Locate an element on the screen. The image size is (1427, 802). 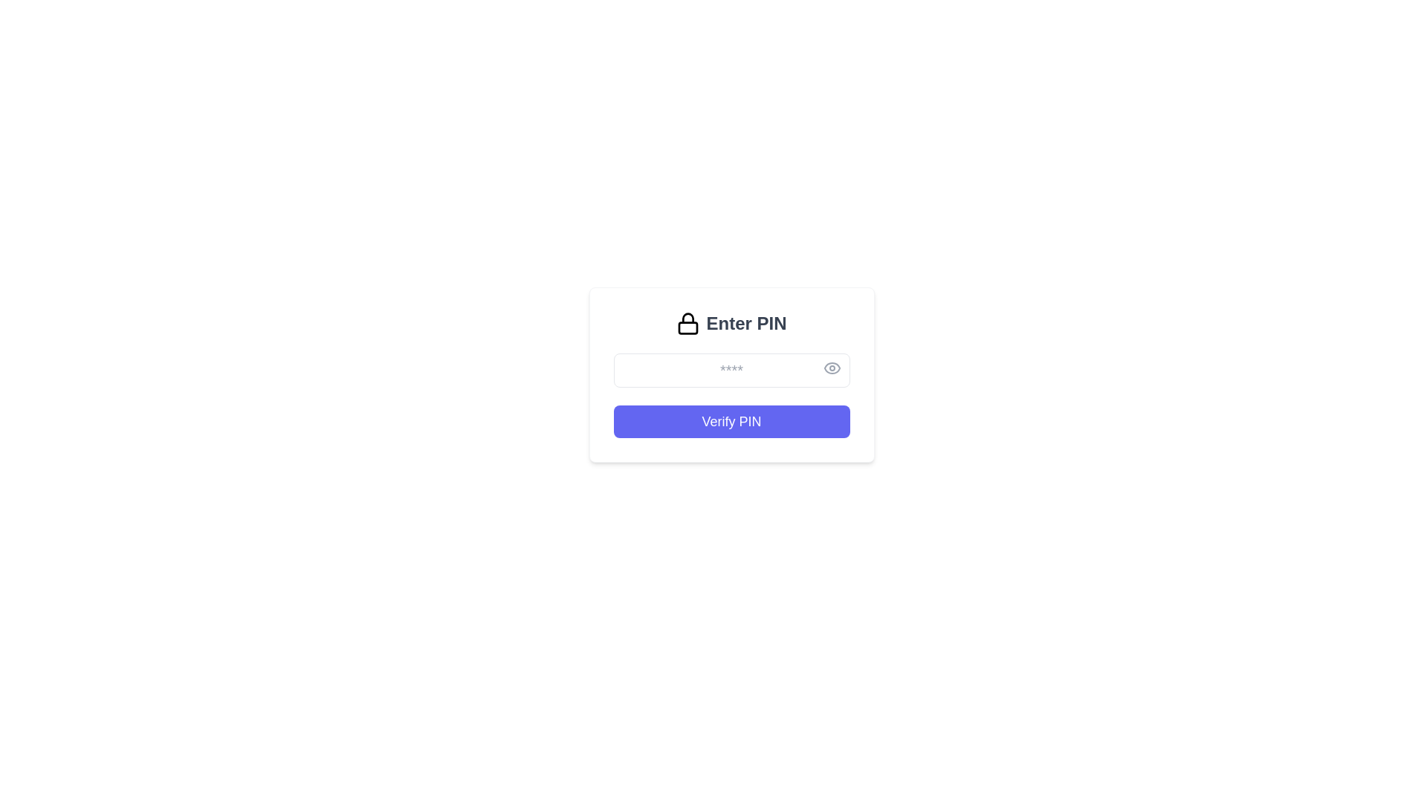
the lower part of the lock-shaped icon representing security in the user interface, located above the 'Enter PIN' text is located at coordinates (687, 327).